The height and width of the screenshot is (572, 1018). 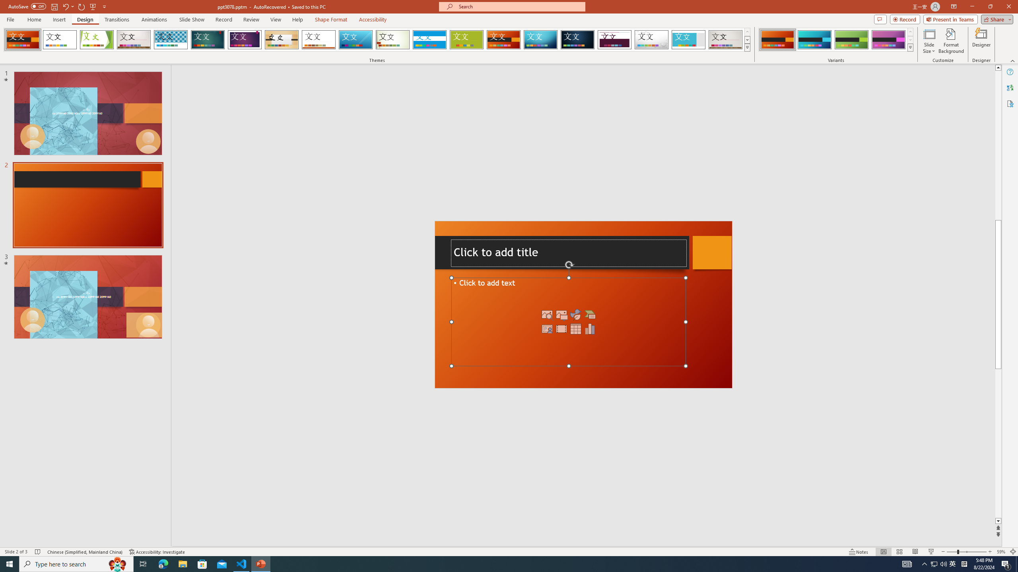 What do you see at coordinates (318, 39) in the screenshot?
I see `'Retrospect'` at bounding box center [318, 39].